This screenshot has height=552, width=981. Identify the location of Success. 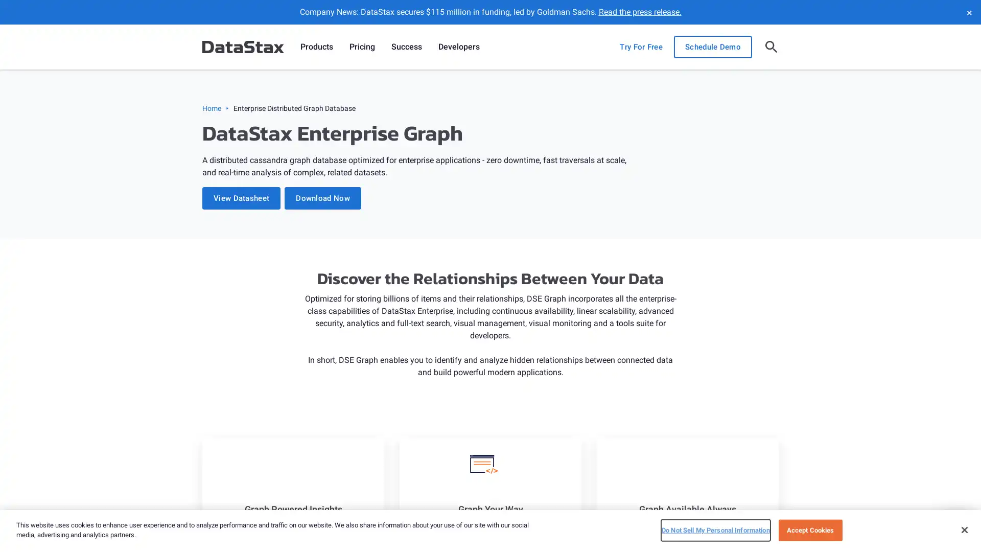
(406, 47).